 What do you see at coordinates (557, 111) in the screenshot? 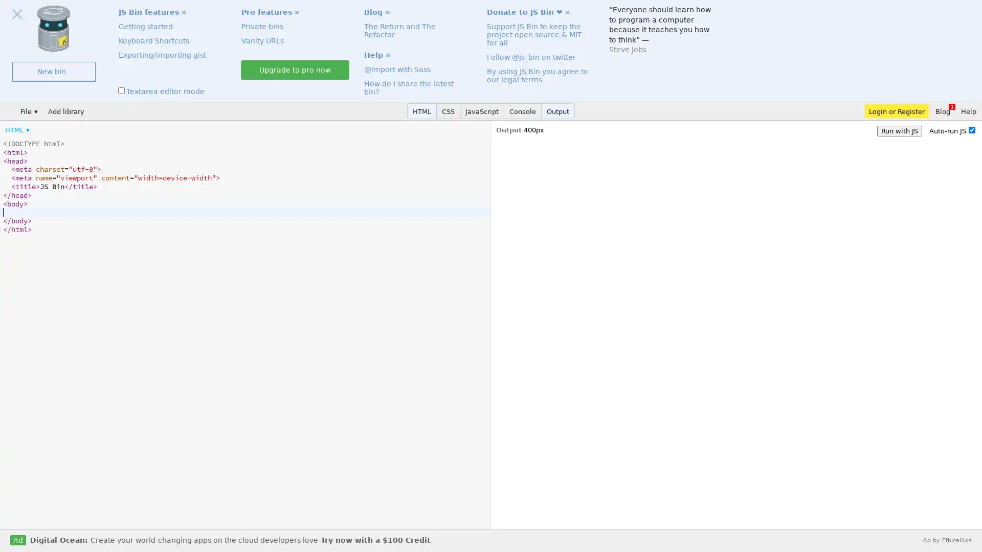
I see `Output Panel: Active` at bounding box center [557, 111].